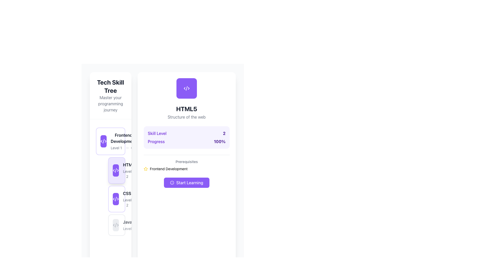 The height and width of the screenshot is (276, 491). What do you see at coordinates (124, 141) in the screenshot?
I see `the composite UI component displaying the skill level and progress for 'Frontend Development'` at bounding box center [124, 141].